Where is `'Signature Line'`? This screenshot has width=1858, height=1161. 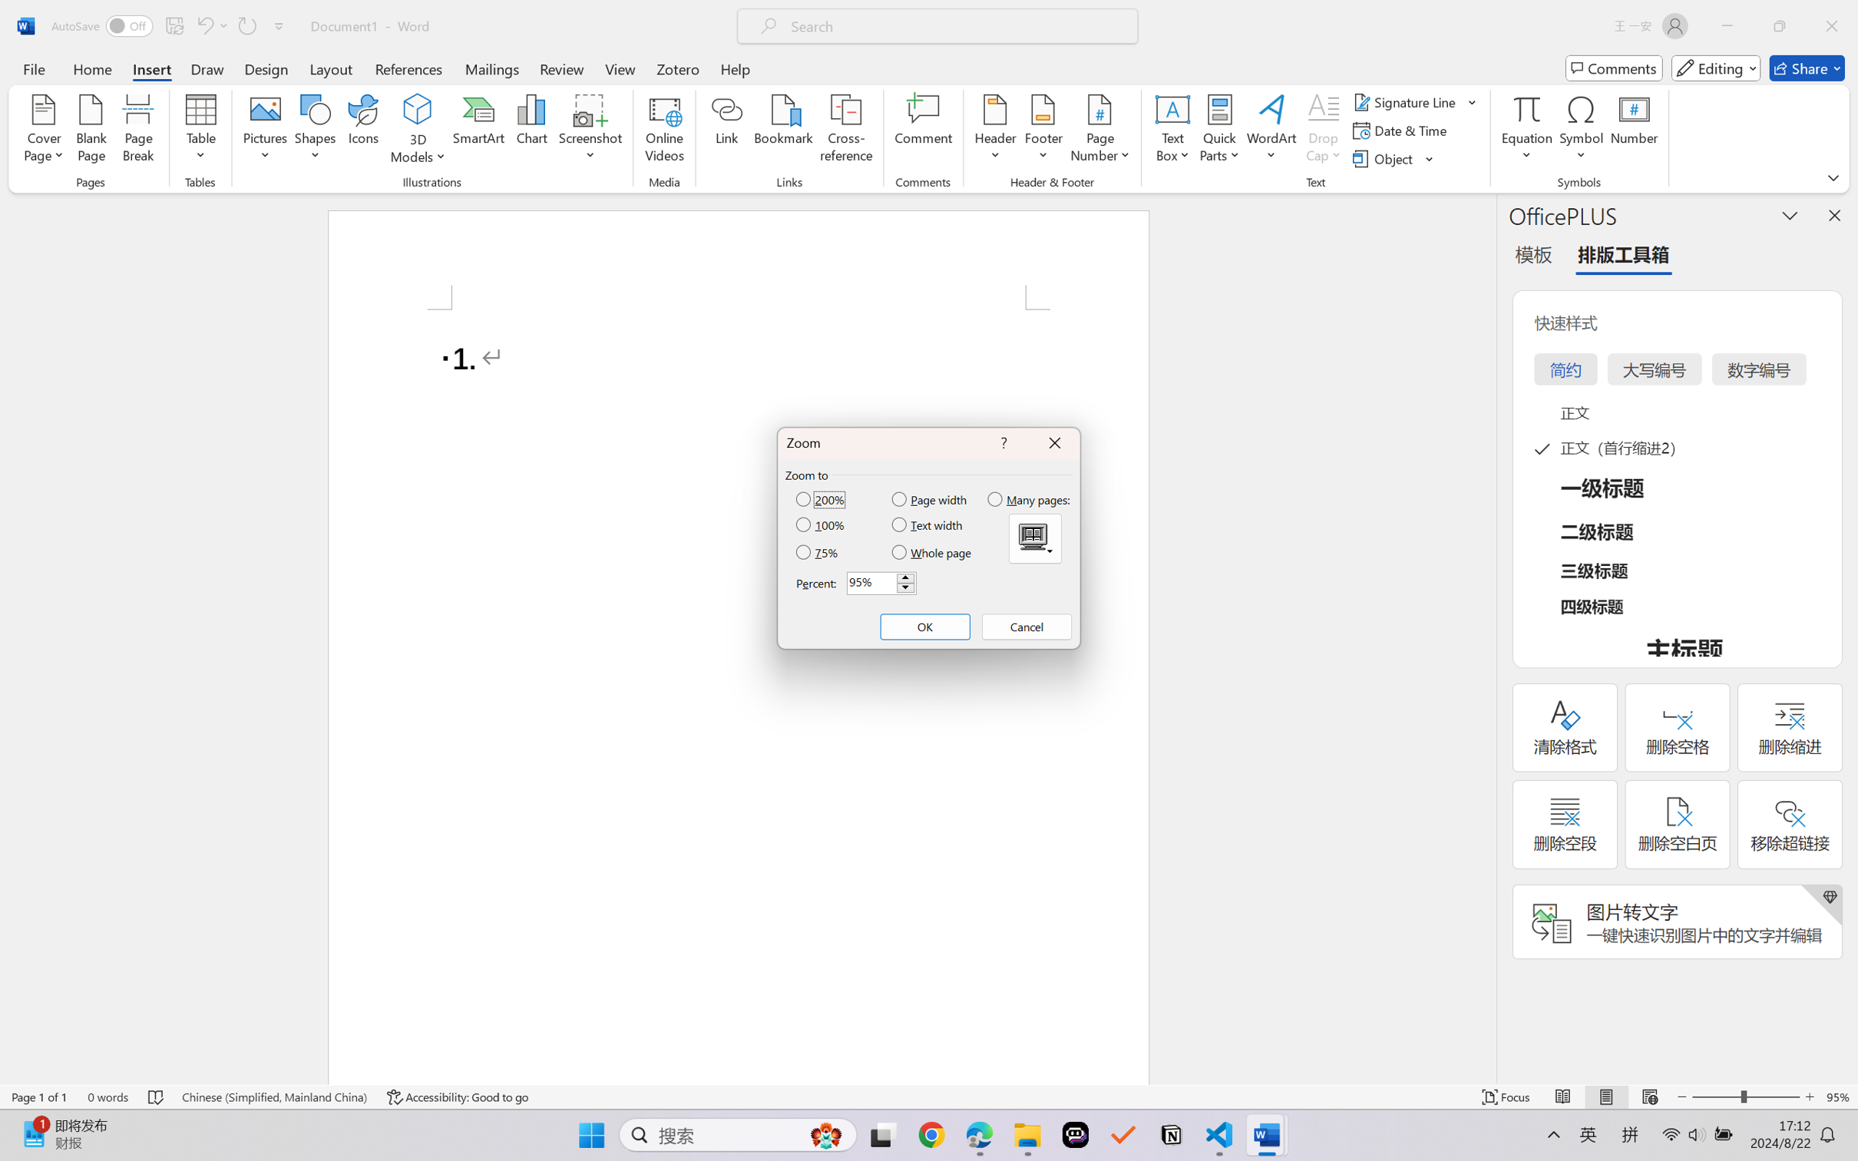 'Signature Line' is located at coordinates (1415, 101).